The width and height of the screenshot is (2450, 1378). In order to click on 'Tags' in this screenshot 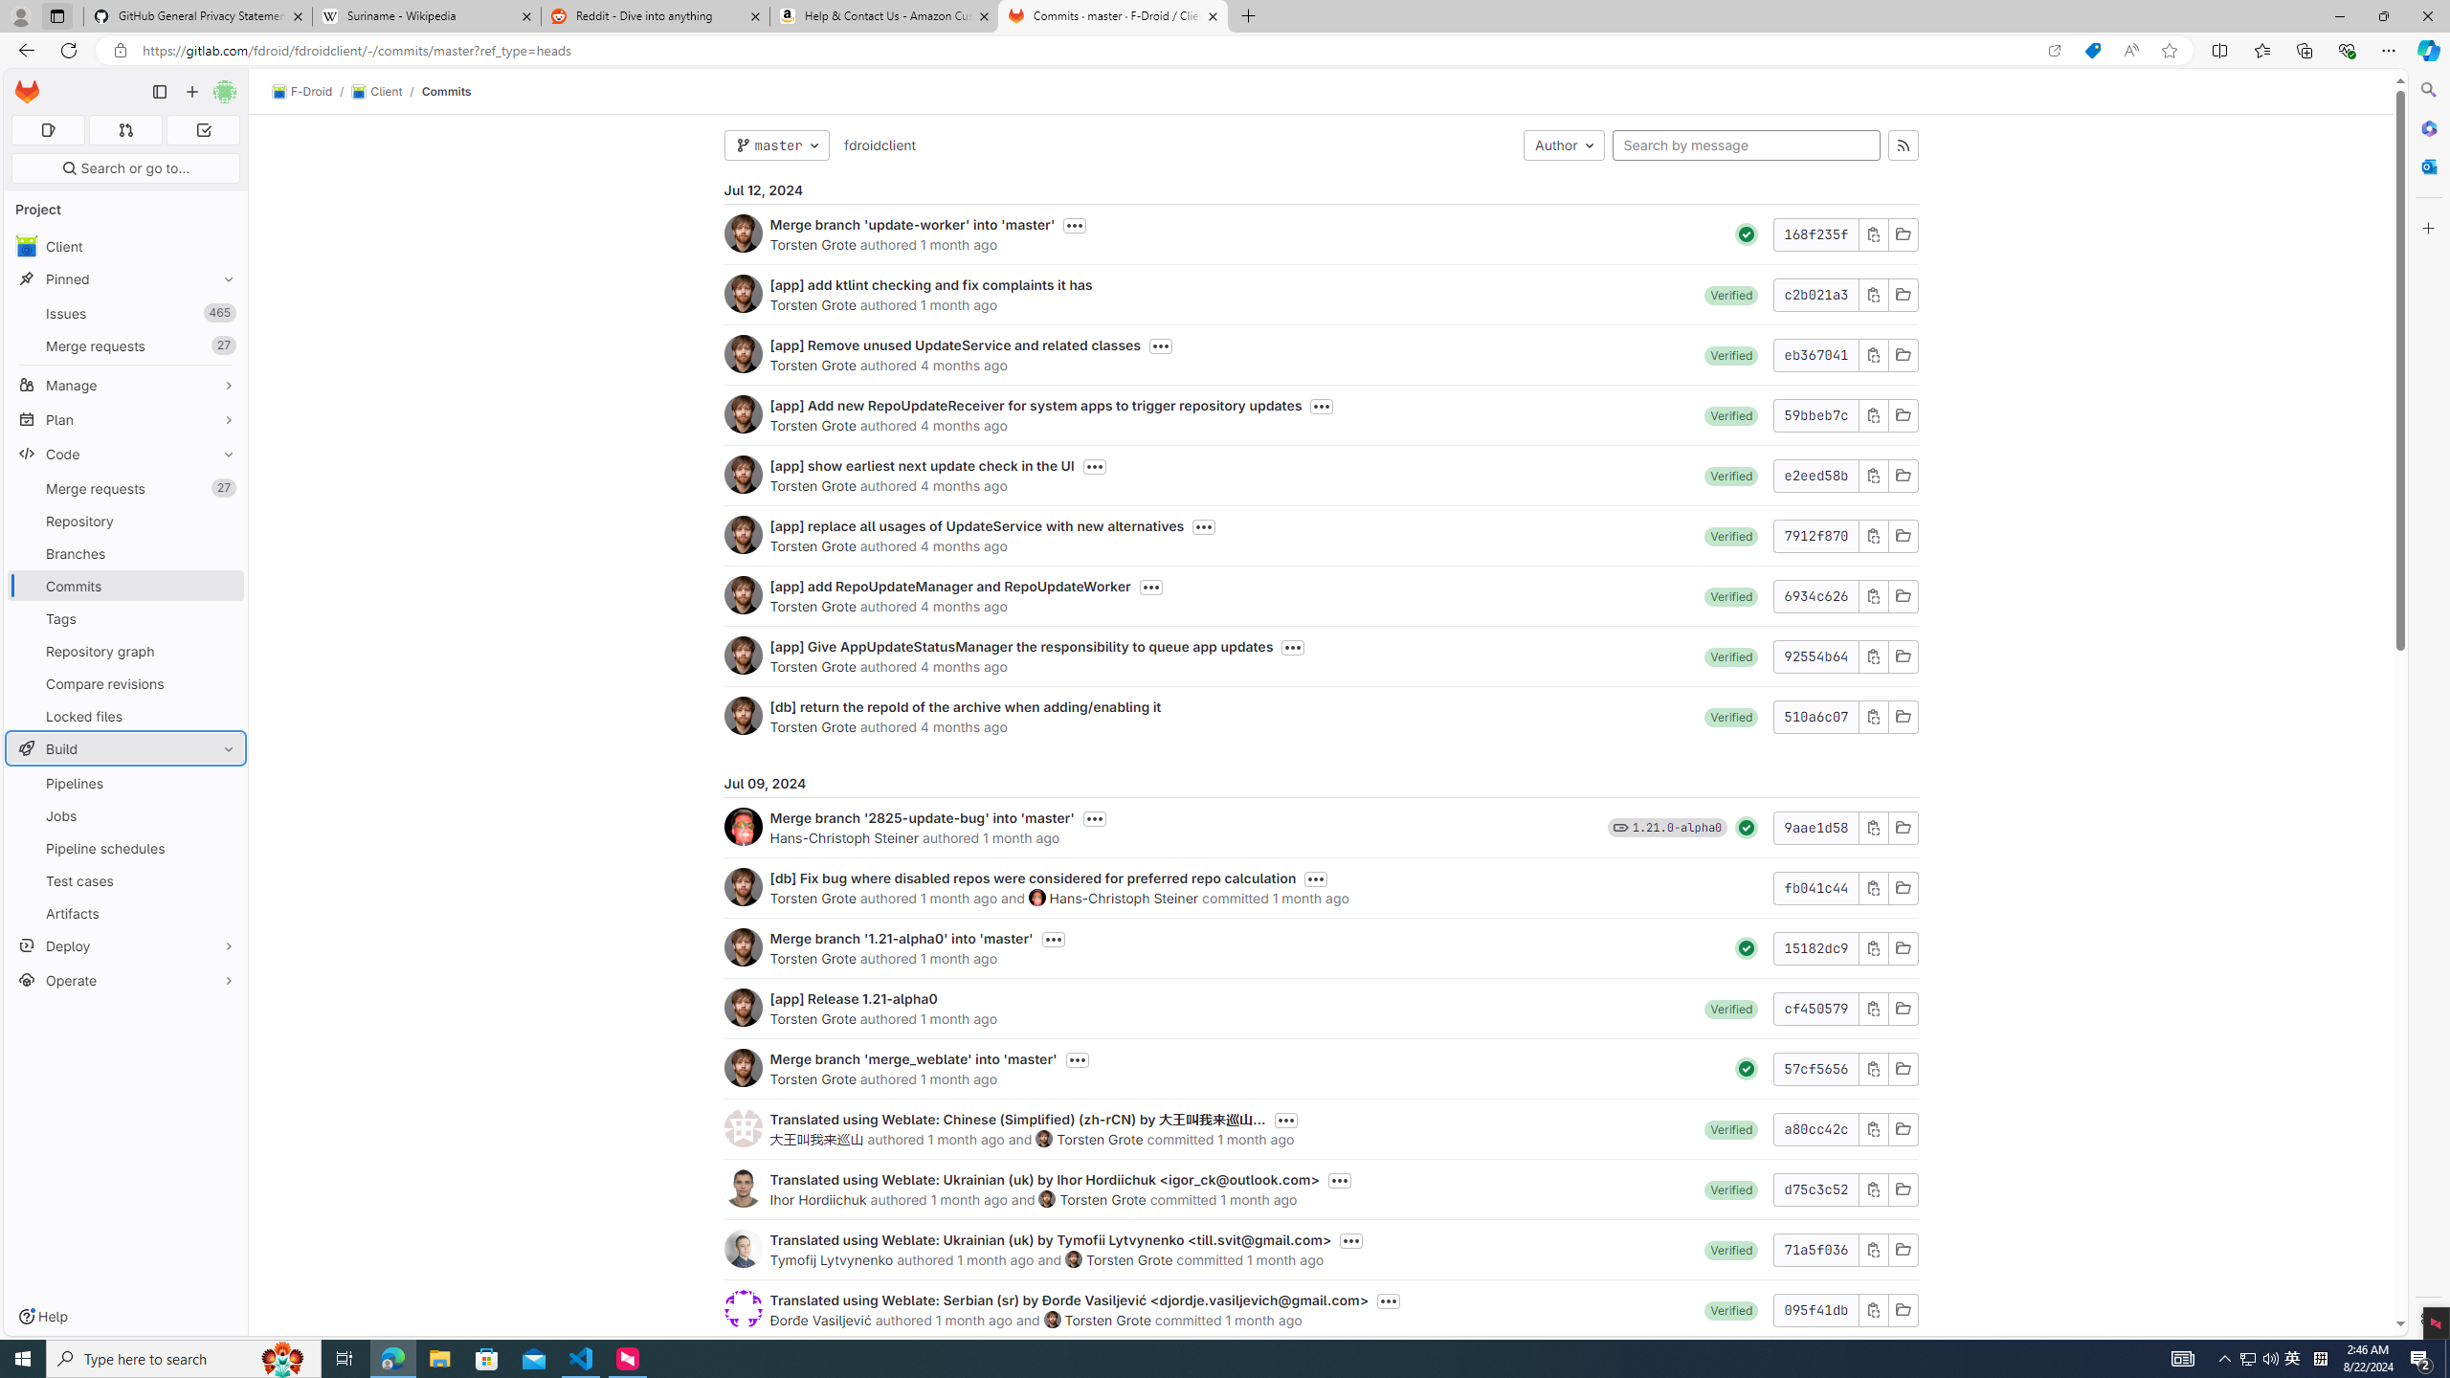, I will do `click(124, 618)`.